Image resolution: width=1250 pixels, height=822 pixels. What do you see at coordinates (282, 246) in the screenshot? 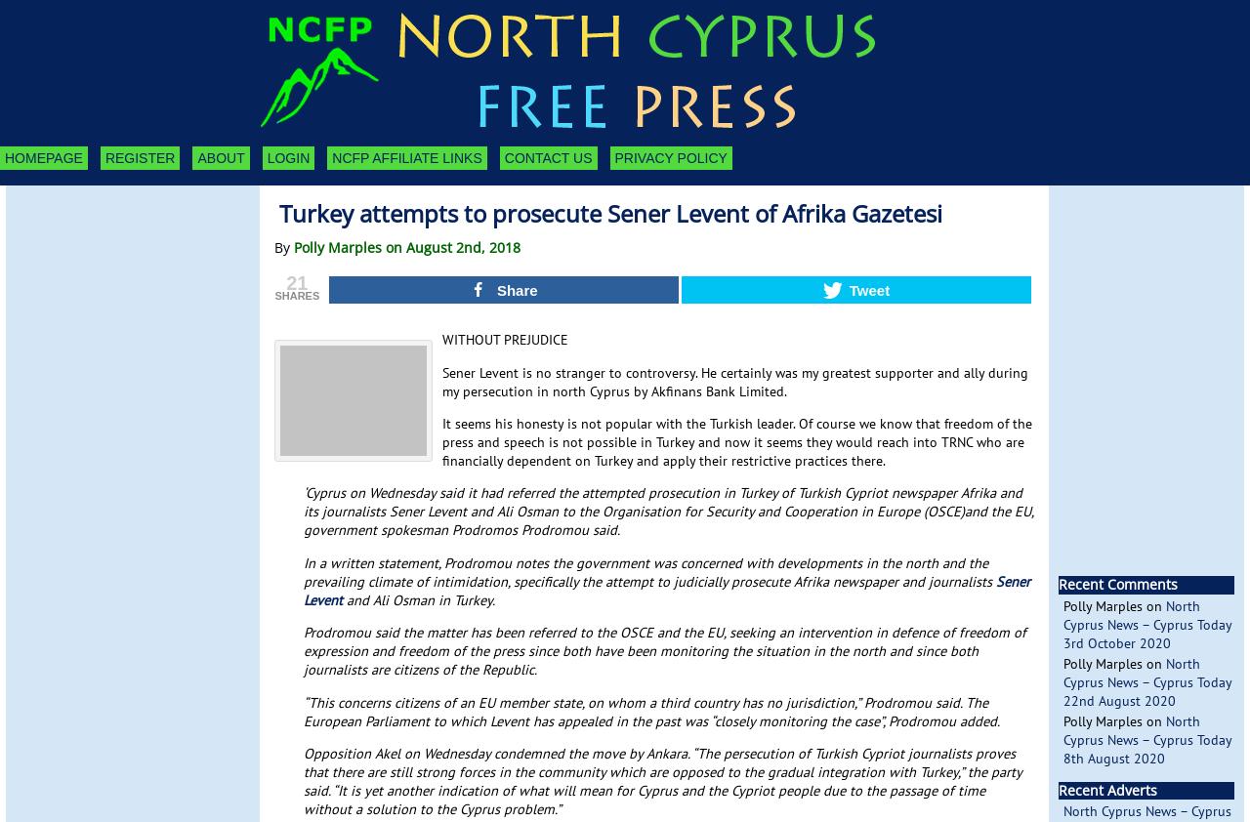
I see `'By'` at bounding box center [282, 246].